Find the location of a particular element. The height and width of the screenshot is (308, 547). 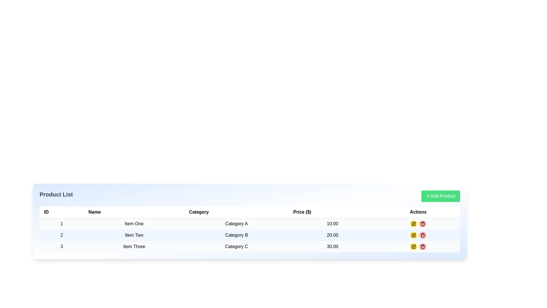

the circular yellow button with a black pen icon located in the 'Actions' column of the last row in the product table is located at coordinates (414, 246).